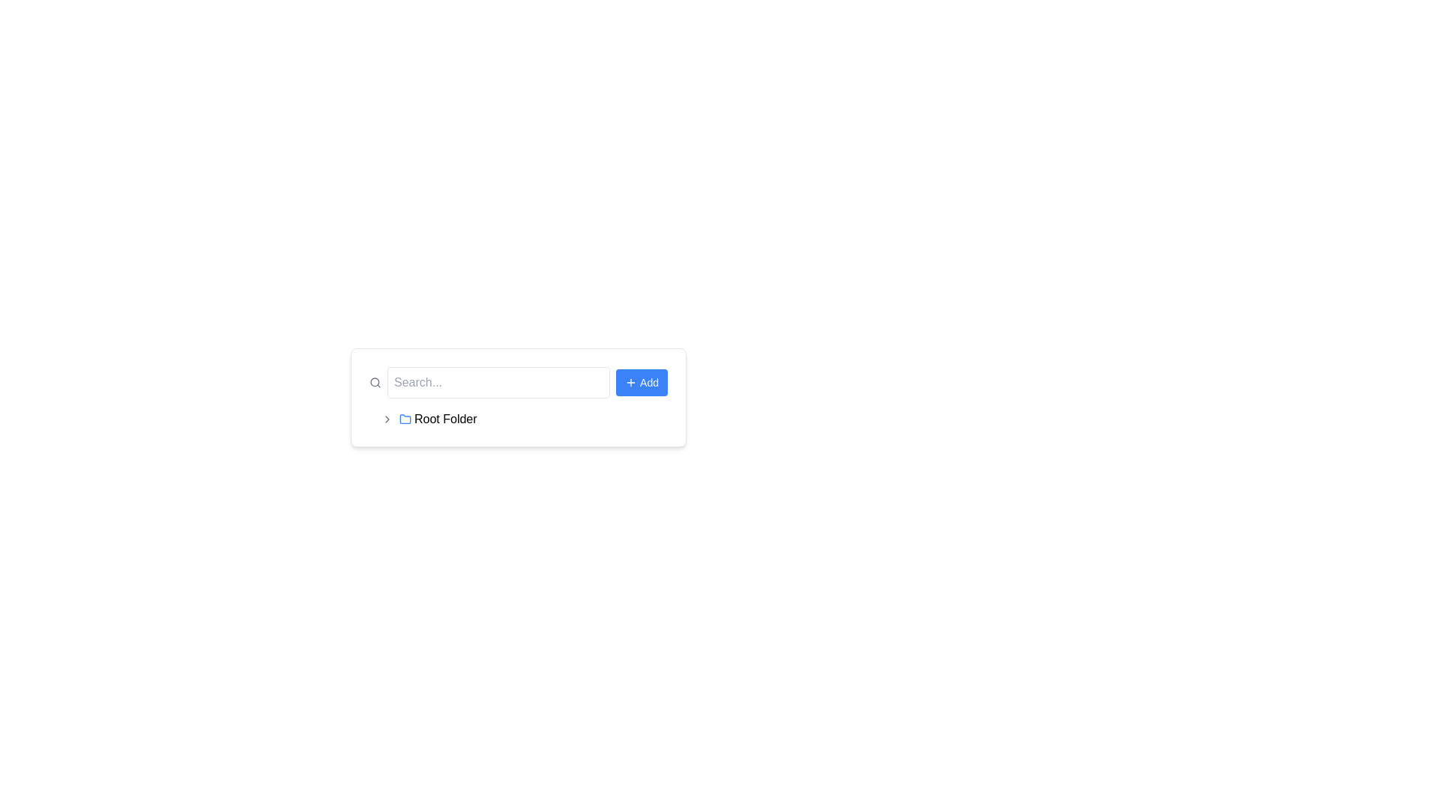  What do you see at coordinates (405, 419) in the screenshot?
I see `the folder icon located to the left of the 'Root Folder' text to interact with the folder` at bounding box center [405, 419].